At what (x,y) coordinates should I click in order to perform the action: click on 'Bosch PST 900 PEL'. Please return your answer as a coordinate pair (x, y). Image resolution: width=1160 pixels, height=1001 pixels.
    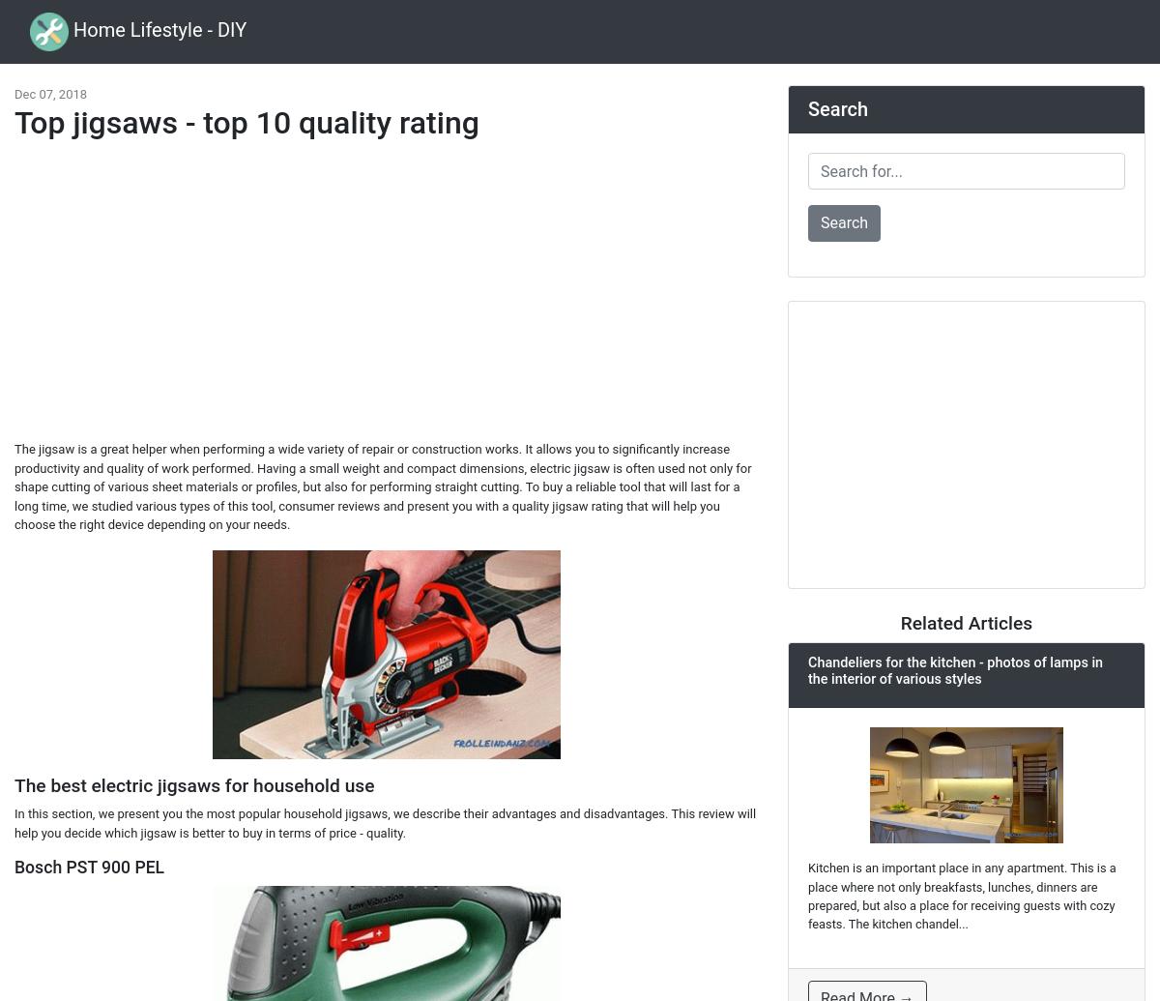
    Looking at the image, I should click on (89, 867).